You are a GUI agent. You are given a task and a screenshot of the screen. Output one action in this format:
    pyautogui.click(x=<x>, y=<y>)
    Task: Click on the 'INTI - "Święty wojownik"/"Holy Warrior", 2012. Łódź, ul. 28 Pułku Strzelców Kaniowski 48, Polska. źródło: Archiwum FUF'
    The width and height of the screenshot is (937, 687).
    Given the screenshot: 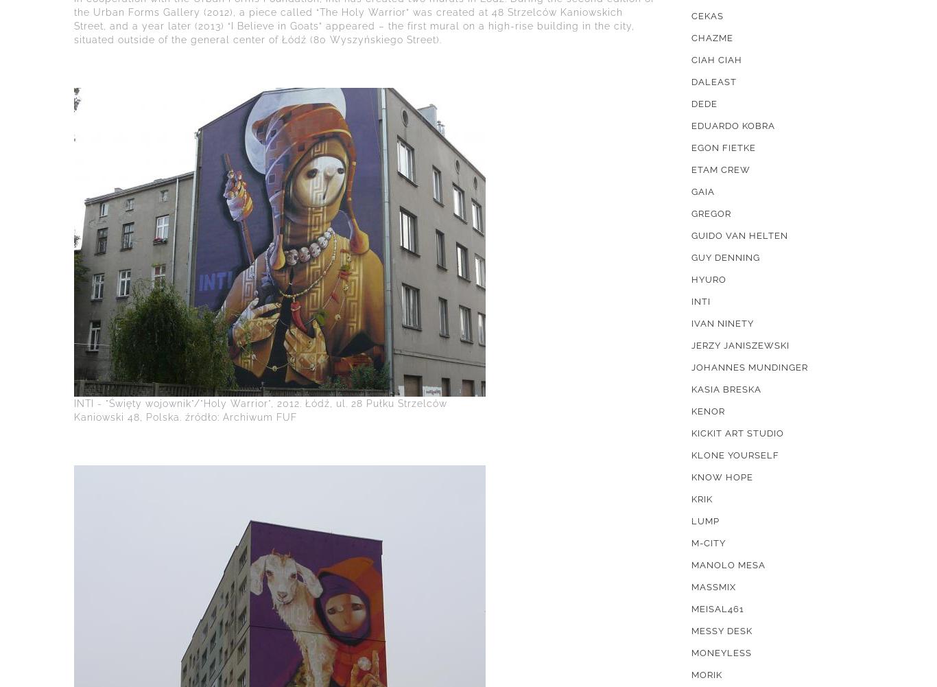 What is the action you would take?
    pyautogui.click(x=260, y=410)
    